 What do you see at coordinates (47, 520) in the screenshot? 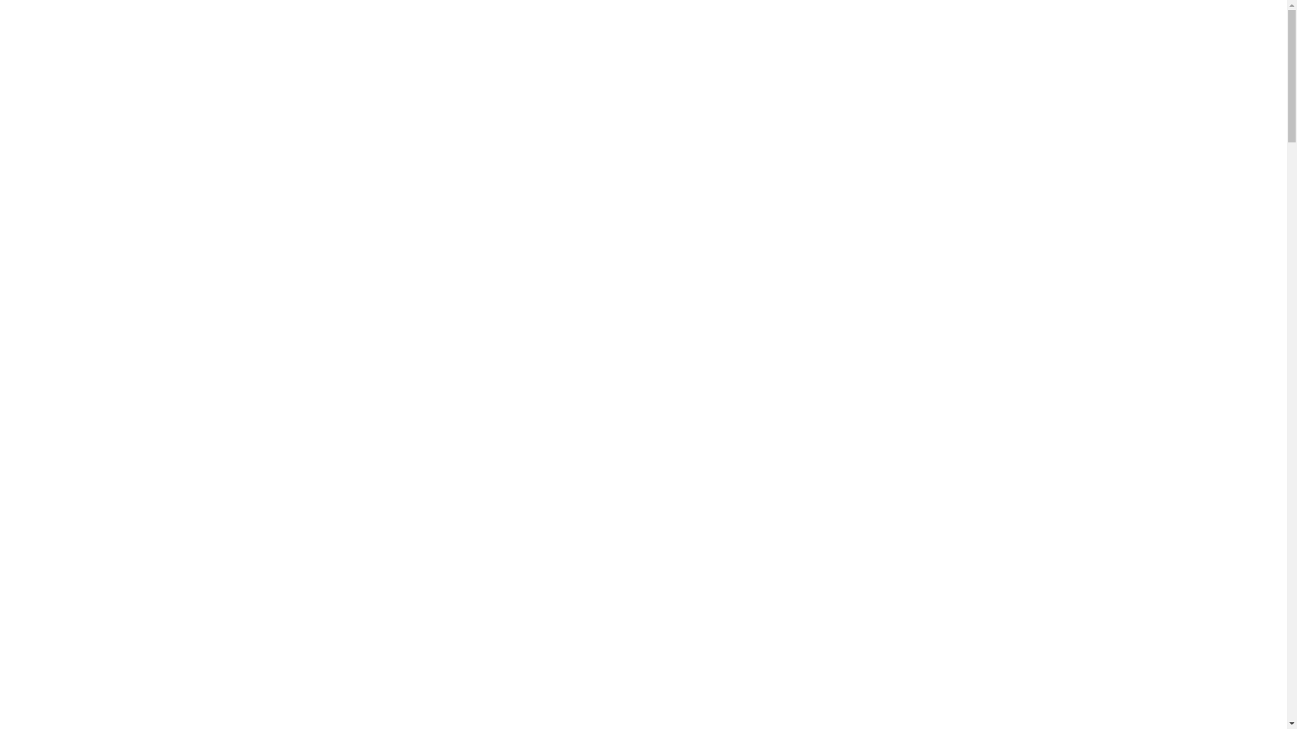
I see `'About'` at bounding box center [47, 520].